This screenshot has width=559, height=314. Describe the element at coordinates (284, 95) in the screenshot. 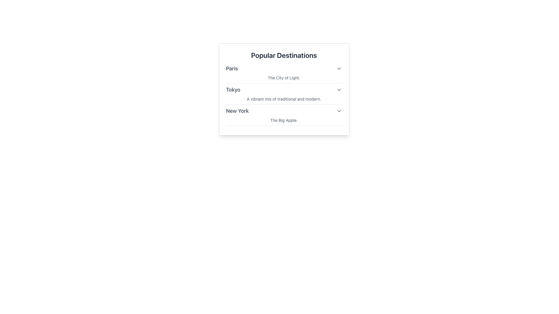

I see `the dropdown arrow in the section labeled 'Tokyo'` at that location.